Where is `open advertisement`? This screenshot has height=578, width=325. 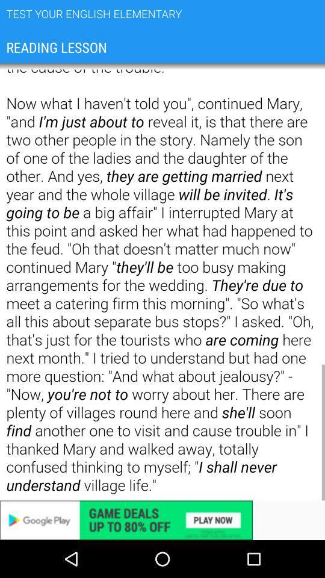 open advertisement is located at coordinates (162, 520).